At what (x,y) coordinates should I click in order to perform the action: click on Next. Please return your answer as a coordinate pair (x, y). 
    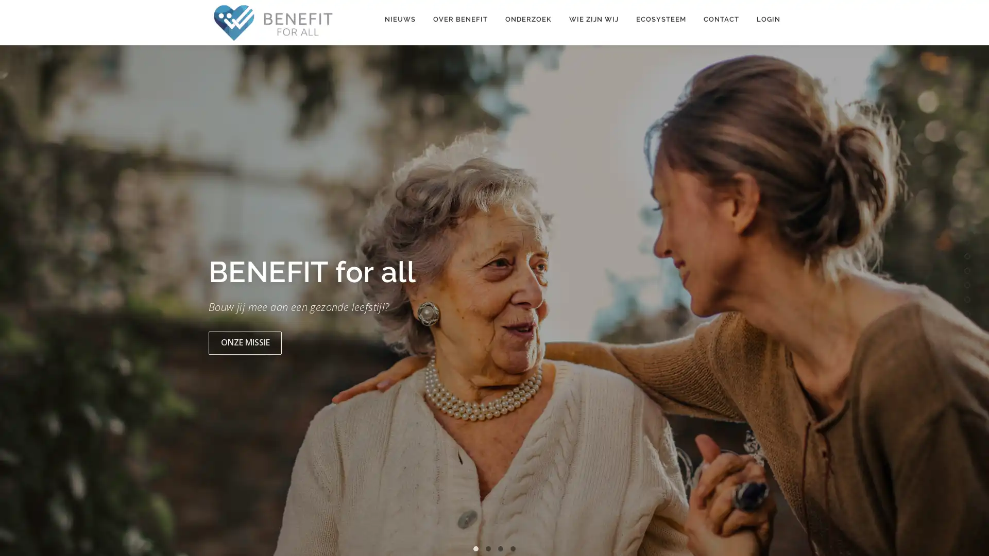
    Looking at the image, I should click on (969, 303).